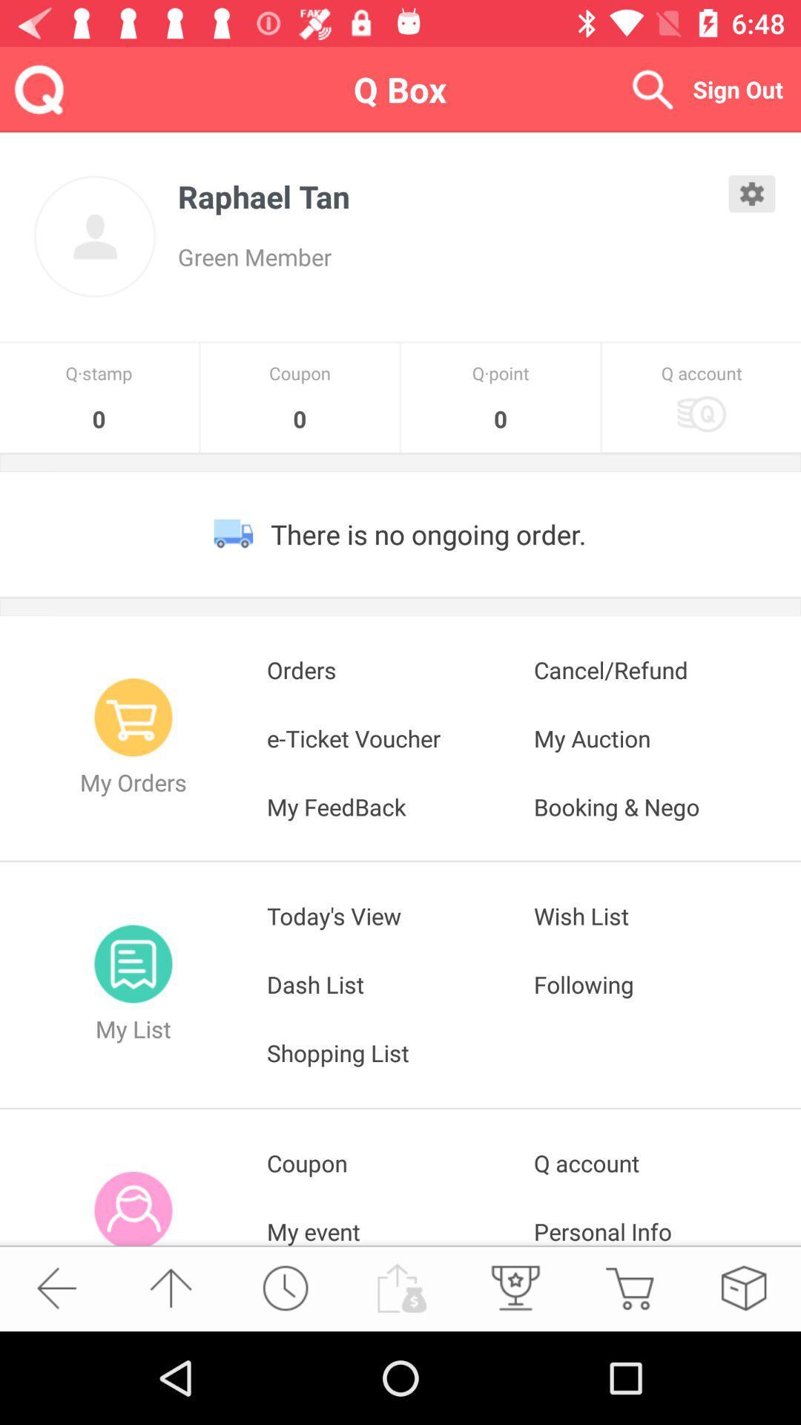 The height and width of the screenshot is (1425, 801). I want to click on icon below the e-ticket voucher icon, so click(400, 806).